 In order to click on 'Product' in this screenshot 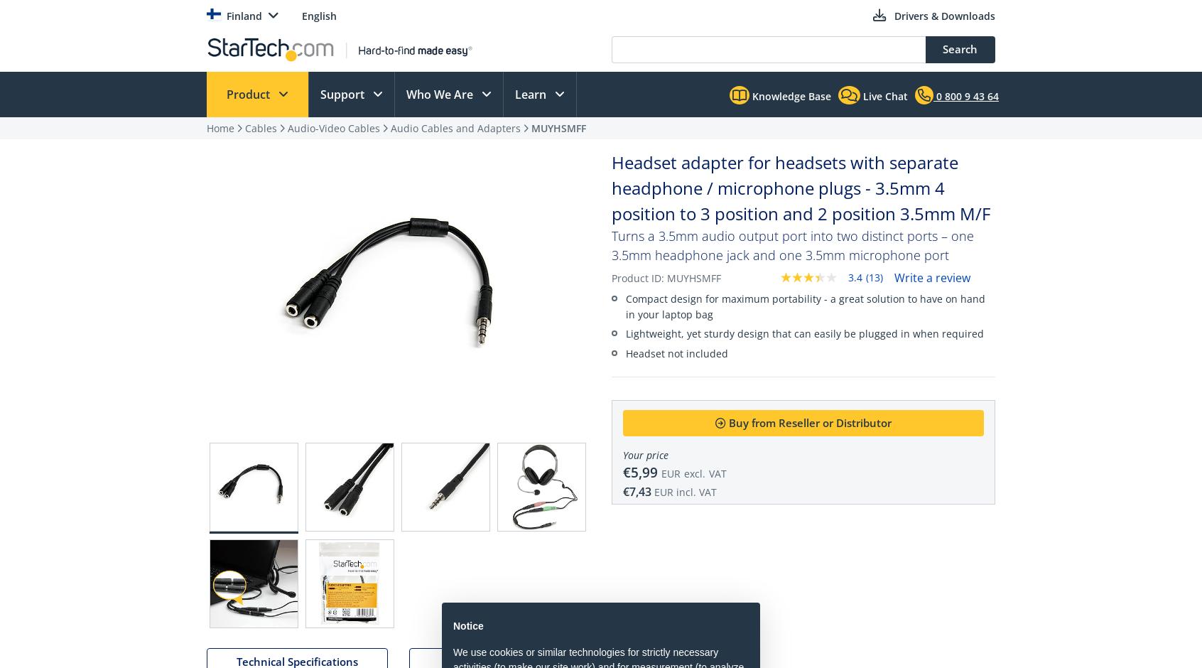, I will do `click(225, 94)`.